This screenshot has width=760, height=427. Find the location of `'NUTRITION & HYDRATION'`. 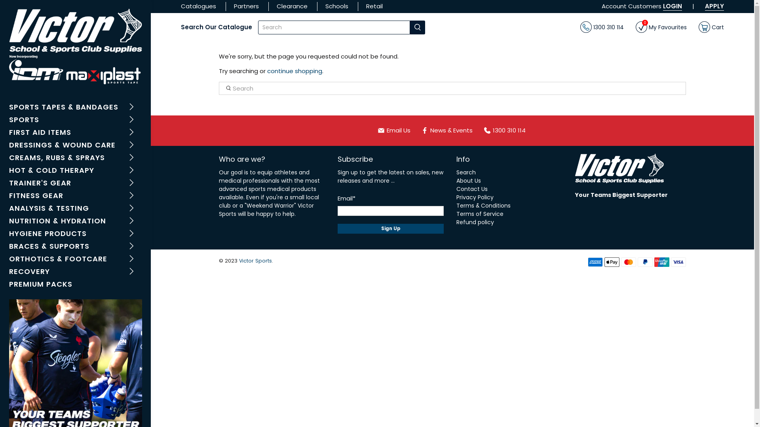

'NUTRITION & HYDRATION' is located at coordinates (75, 221).